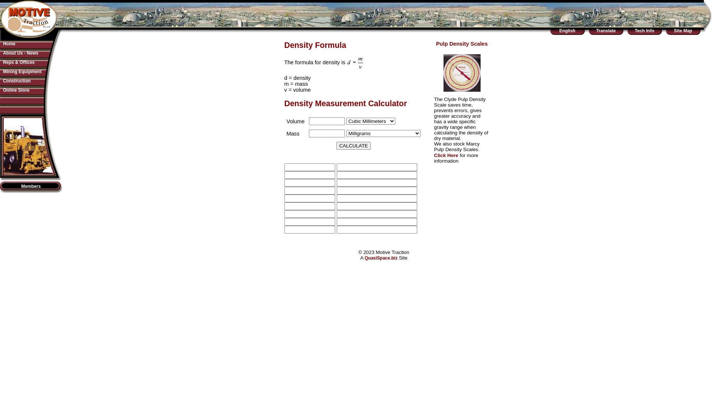  I want to click on 'Translate', so click(606, 30).